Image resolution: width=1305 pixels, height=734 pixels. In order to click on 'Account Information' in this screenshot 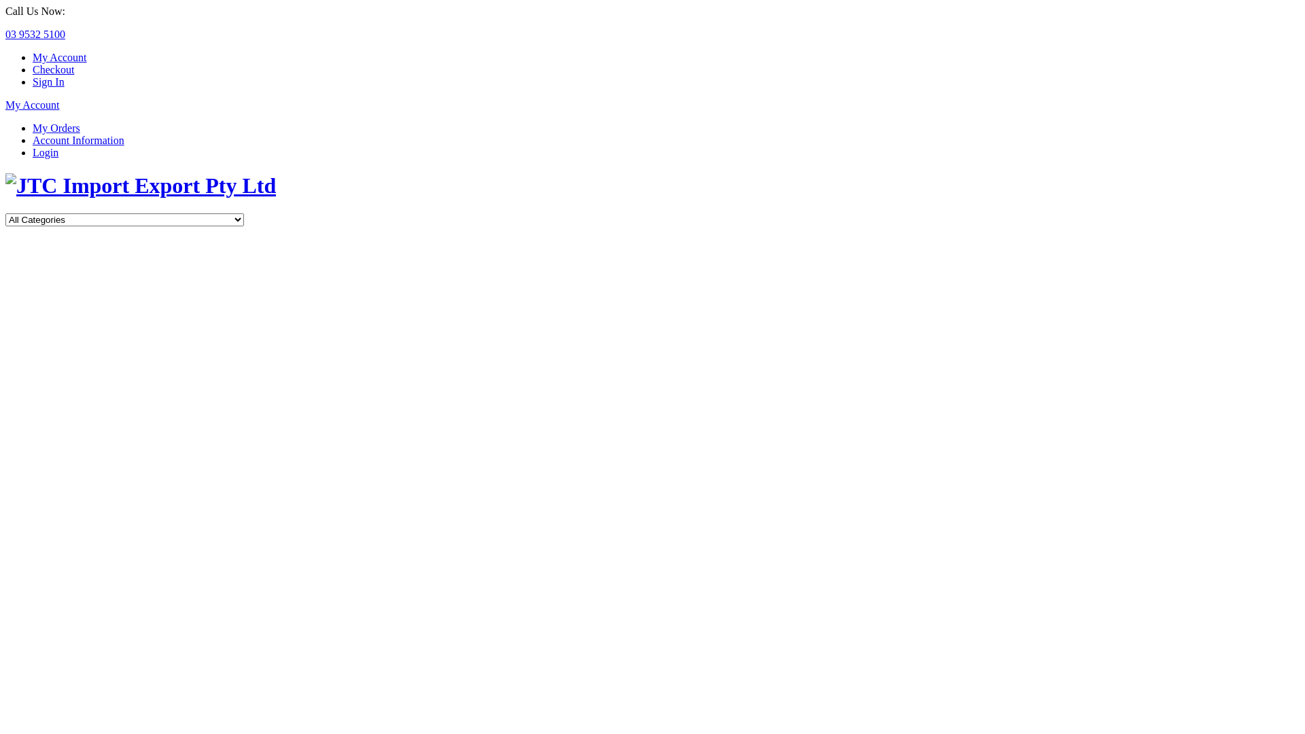, I will do `click(77, 140)`.